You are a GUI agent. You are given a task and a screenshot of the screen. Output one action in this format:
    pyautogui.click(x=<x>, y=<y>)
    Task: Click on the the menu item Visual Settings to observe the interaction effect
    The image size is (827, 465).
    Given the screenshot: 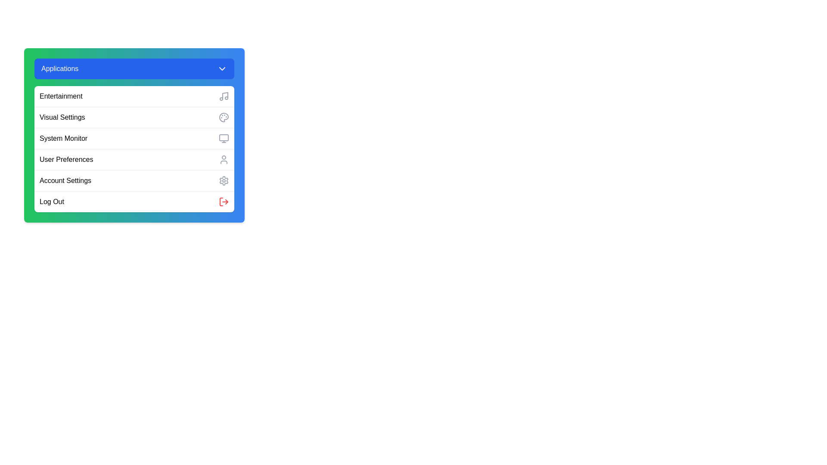 What is the action you would take?
    pyautogui.click(x=134, y=117)
    